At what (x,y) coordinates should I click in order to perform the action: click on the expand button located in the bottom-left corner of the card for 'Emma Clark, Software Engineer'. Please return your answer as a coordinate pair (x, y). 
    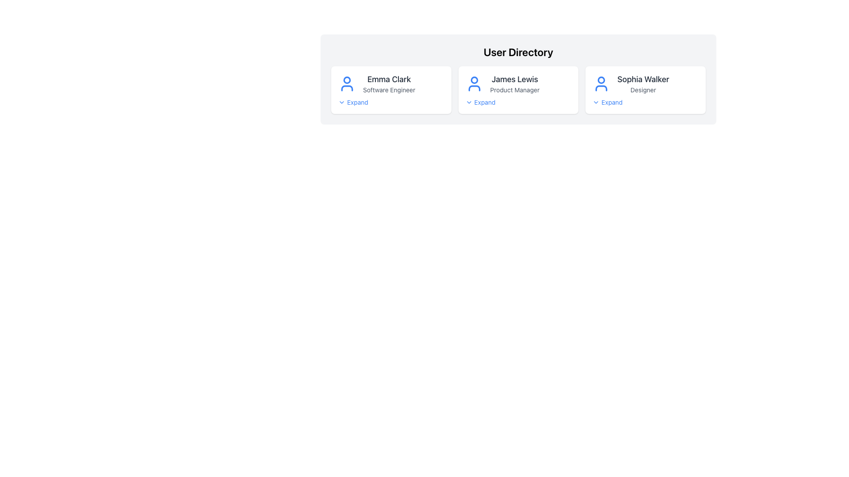
    Looking at the image, I should click on (352, 102).